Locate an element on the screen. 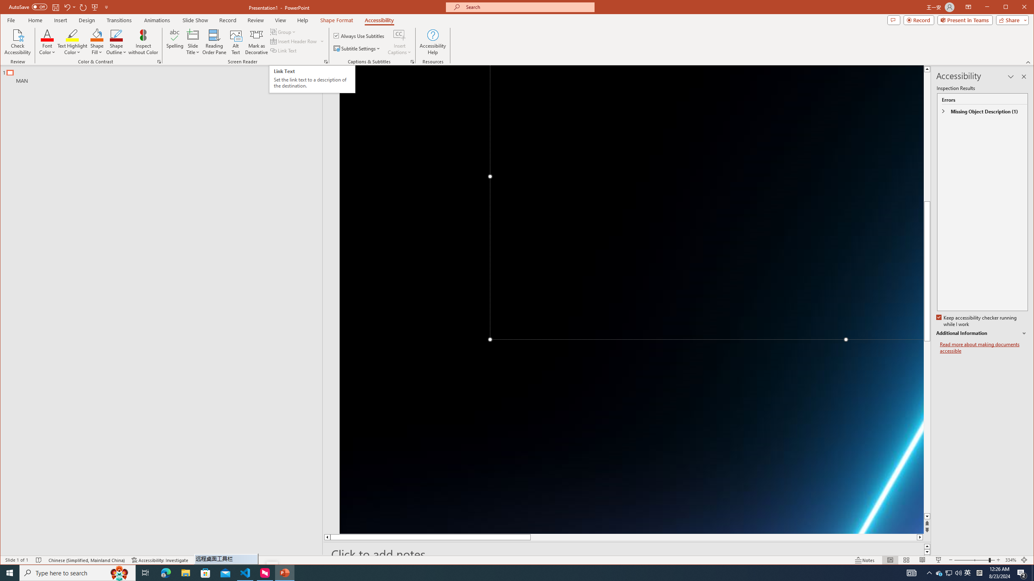  'Always Use Subtitles' is located at coordinates (359, 35).